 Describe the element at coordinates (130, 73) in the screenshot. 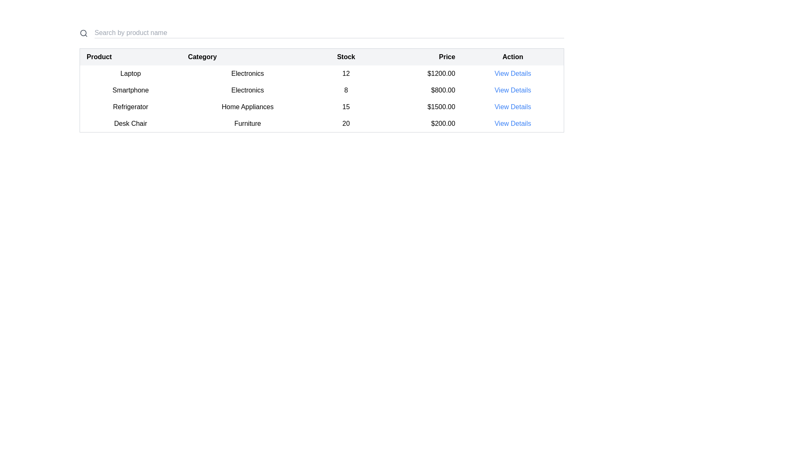

I see `the Text element displaying the product name in the first column of the table under the 'Product' header, which is located in the first row of the table` at that location.